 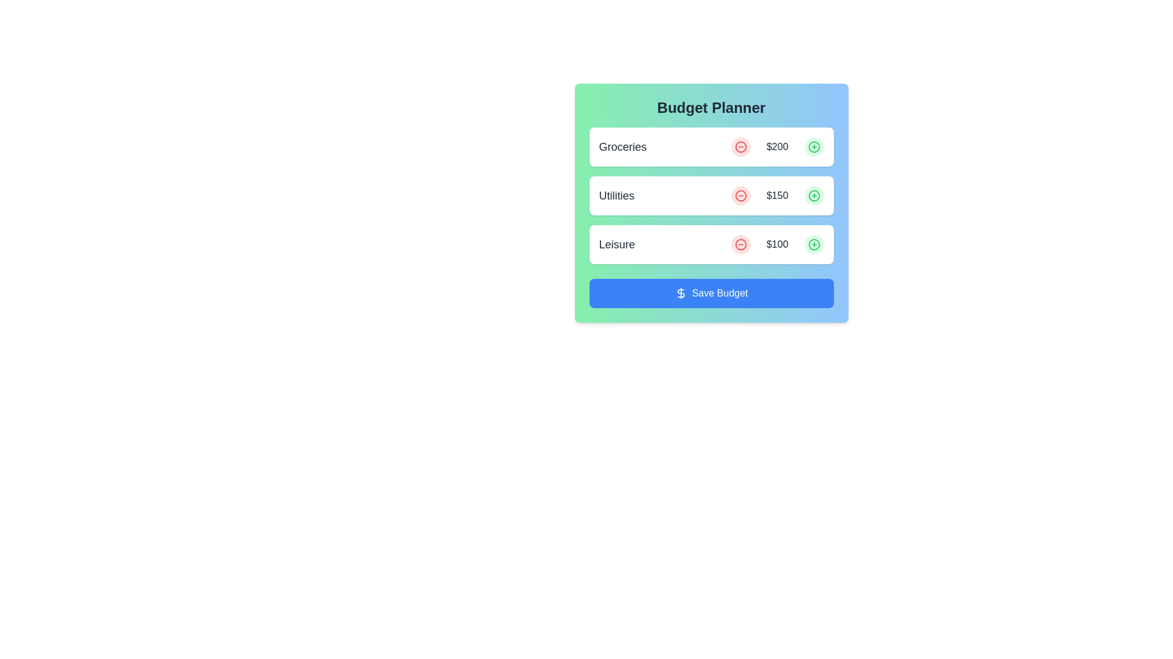 What do you see at coordinates (740, 195) in the screenshot?
I see `the circular red-bordered button with a minus symbol to decrease the value in the Budget Planner interface` at bounding box center [740, 195].